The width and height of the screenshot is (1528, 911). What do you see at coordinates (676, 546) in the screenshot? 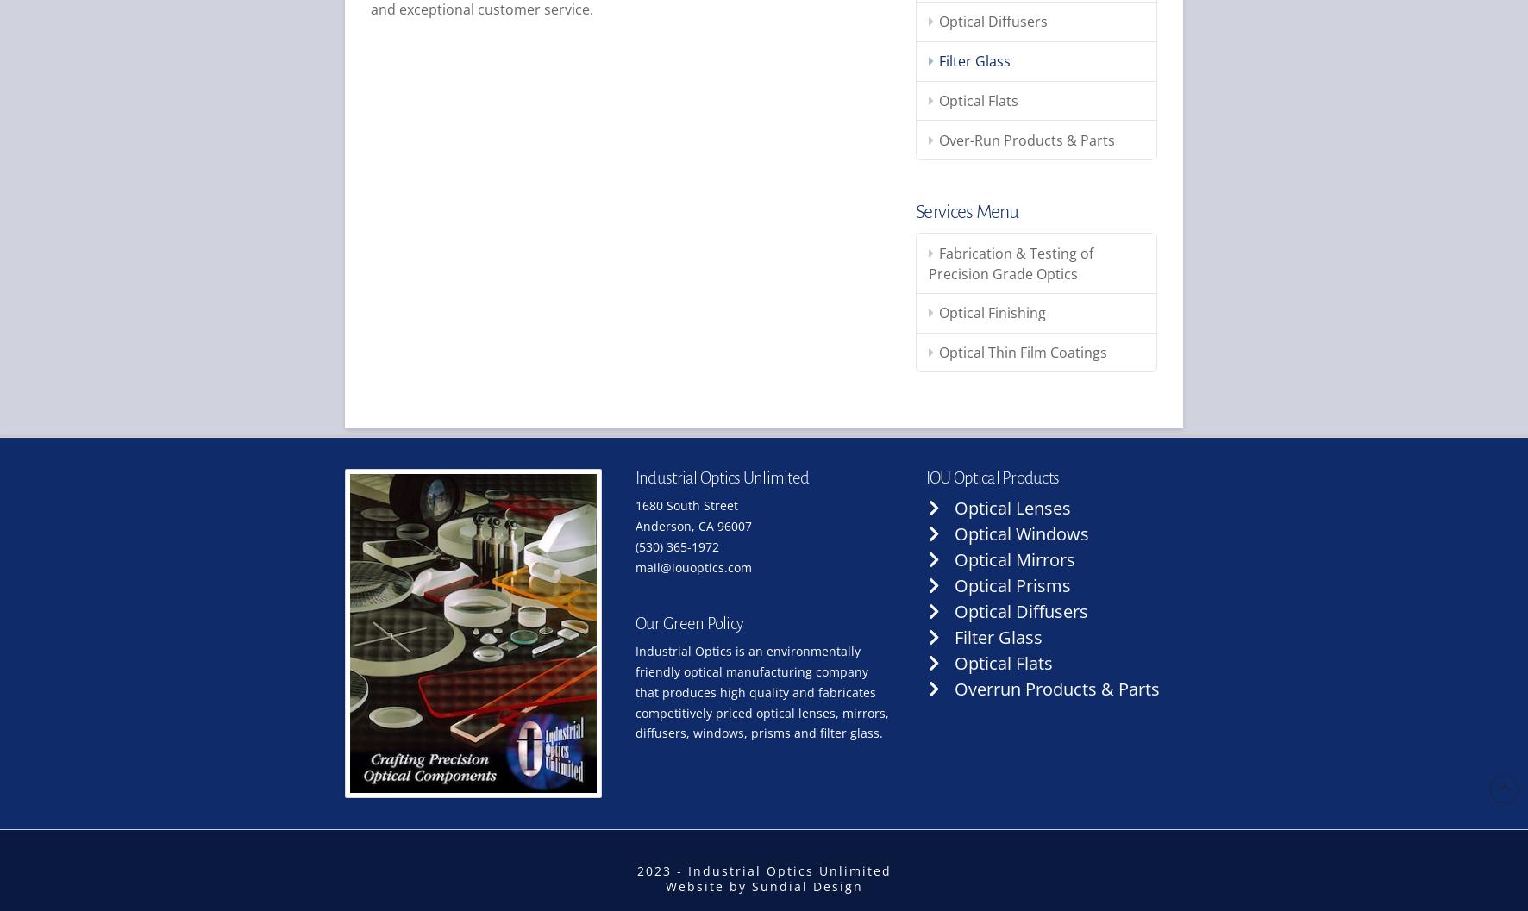
I see `'(530) 365-1972'` at bounding box center [676, 546].